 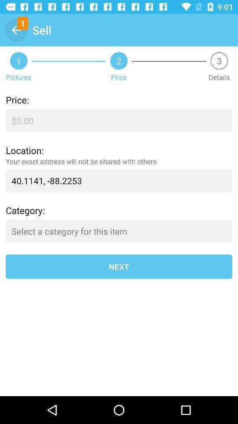 I want to click on 40 1141 88, so click(x=119, y=180).